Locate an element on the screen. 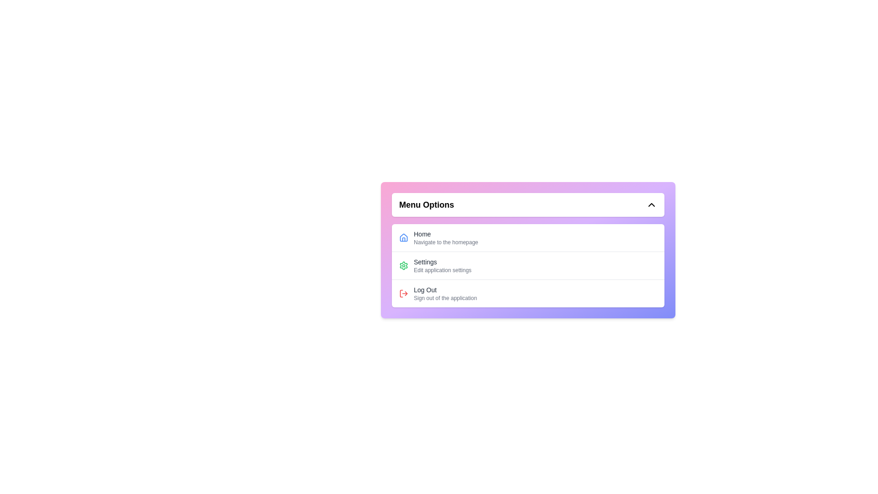 The width and height of the screenshot is (878, 494). the 'Settings' menu item to open the application settings is located at coordinates (528, 265).